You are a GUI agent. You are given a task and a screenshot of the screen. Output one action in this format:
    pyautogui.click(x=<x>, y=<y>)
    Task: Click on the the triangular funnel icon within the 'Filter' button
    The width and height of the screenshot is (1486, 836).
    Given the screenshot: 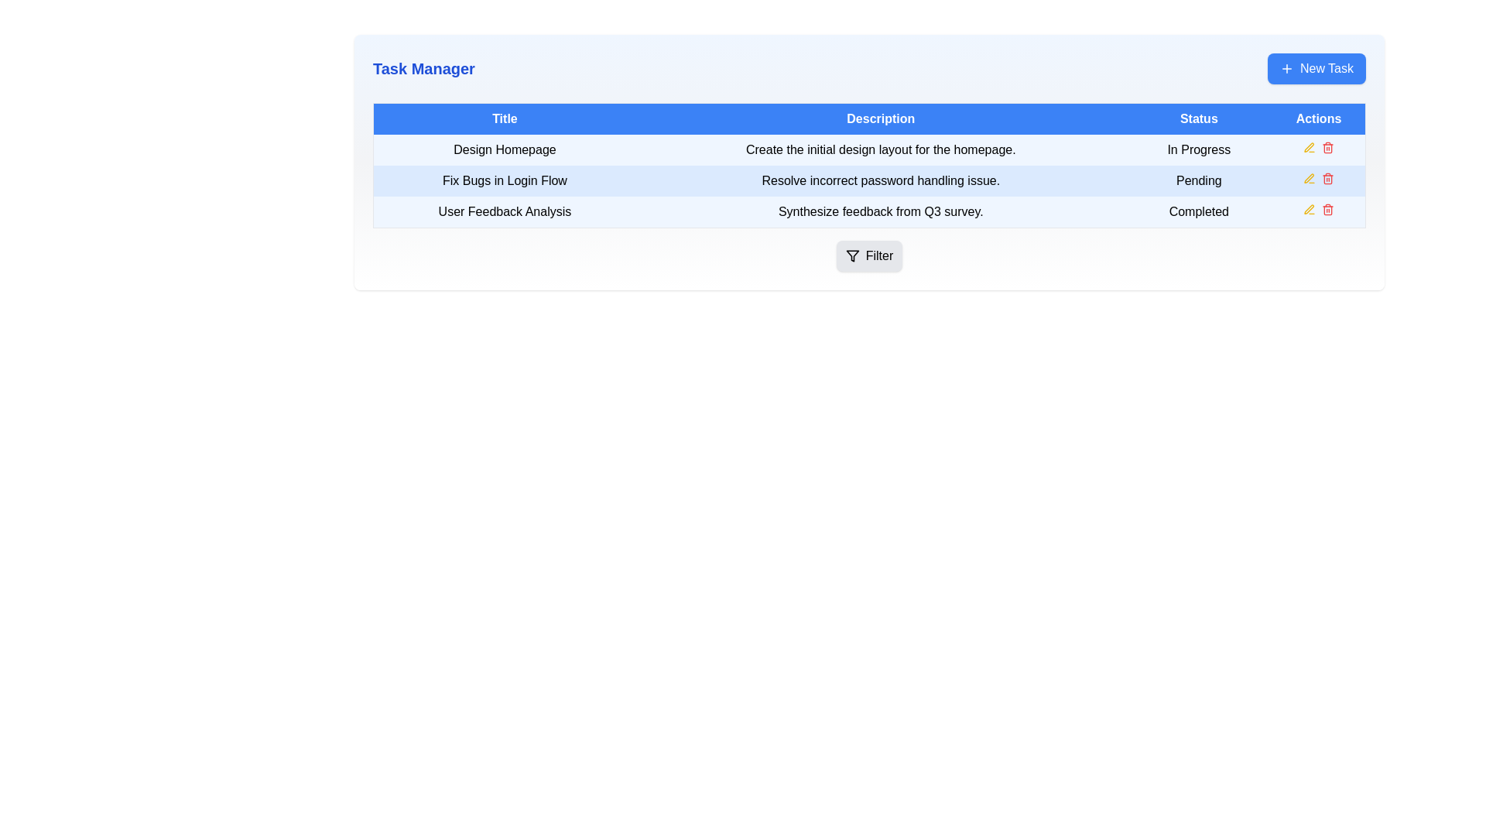 What is the action you would take?
    pyautogui.click(x=851, y=255)
    